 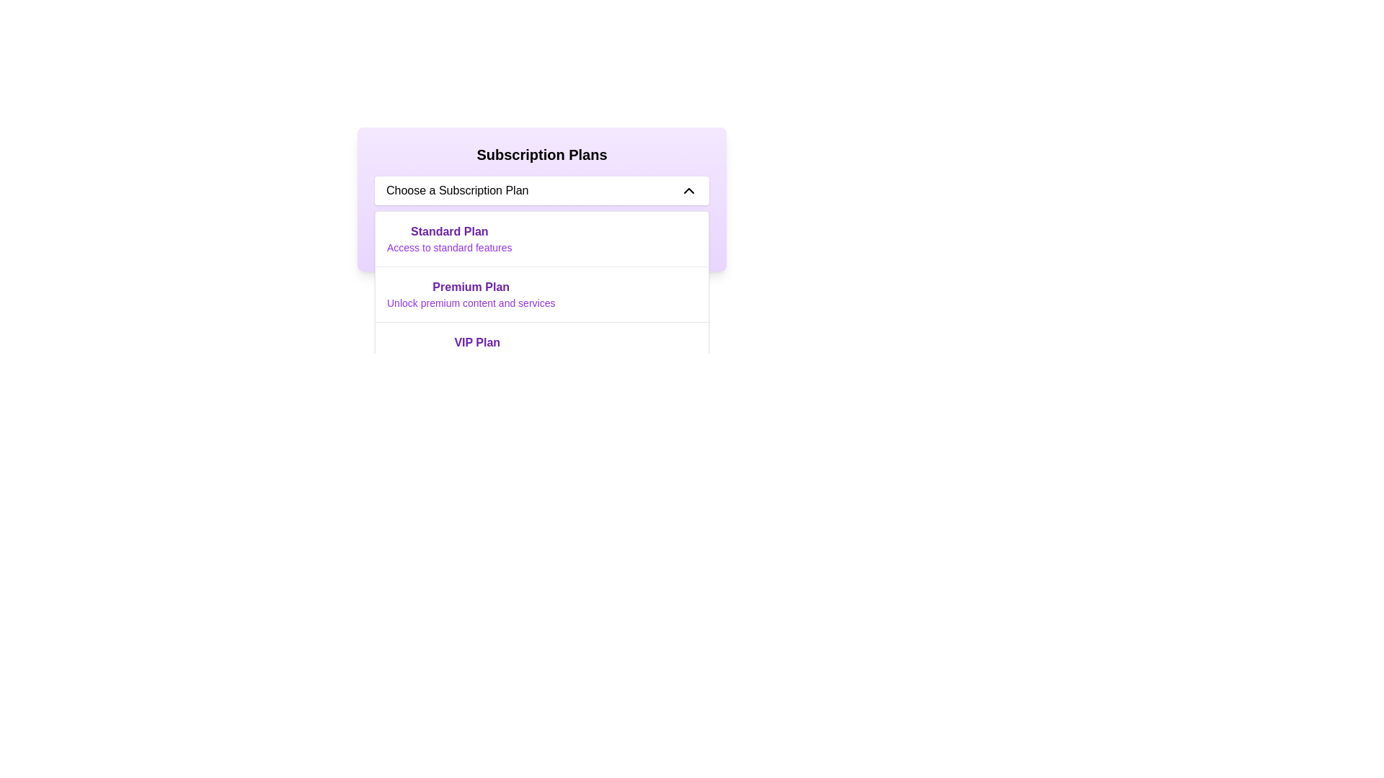 What do you see at coordinates (688, 190) in the screenshot?
I see `the chevron-shaped icon resembling an upward arrow` at bounding box center [688, 190].